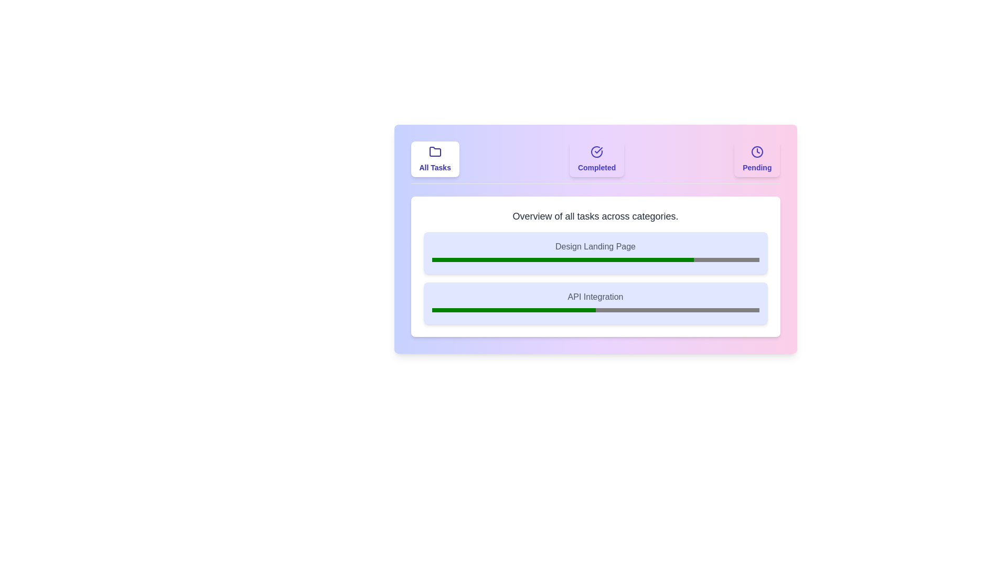 Image resolution: width=1007 pixels, height=566 pixels. Describe the element at coordinates (757, 167) in the screenshot. I see `the Text Label indicating a pending state, located in the top-right corner beneath the clock icon` at that location.